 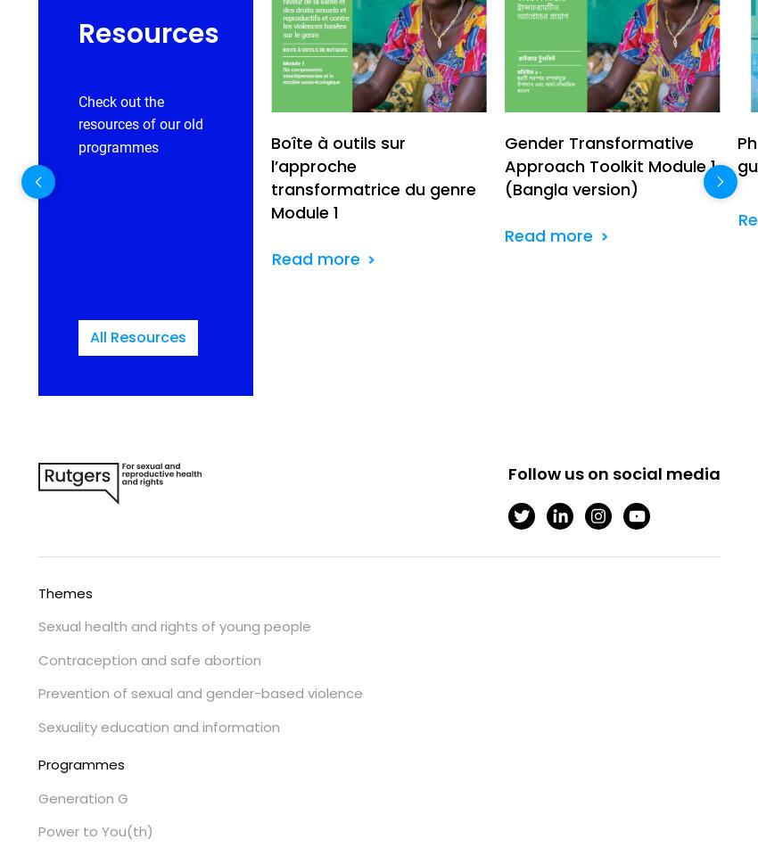 I want to click on 'Gender Transformative Approach Toolkit Module 1 (Bangla version)', so click(x=608, y=165).